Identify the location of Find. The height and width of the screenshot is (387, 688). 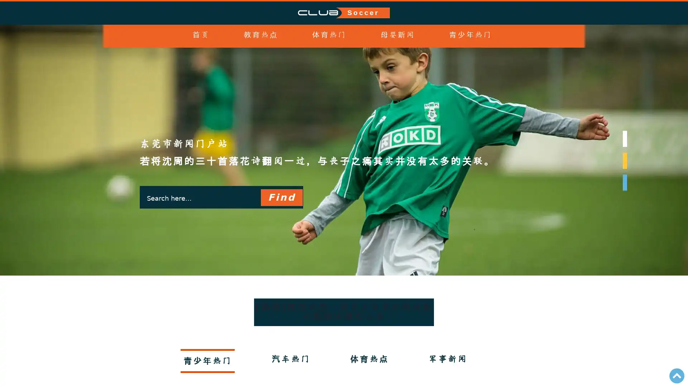
(281, 197).